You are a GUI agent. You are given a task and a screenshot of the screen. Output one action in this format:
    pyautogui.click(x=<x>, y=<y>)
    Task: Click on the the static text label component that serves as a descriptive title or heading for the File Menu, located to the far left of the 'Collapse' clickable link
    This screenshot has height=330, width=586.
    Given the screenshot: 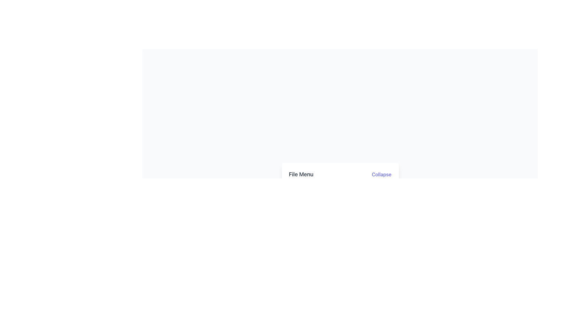 What is the action you would take?
    pyautogui.click(x=301, y=174)
    